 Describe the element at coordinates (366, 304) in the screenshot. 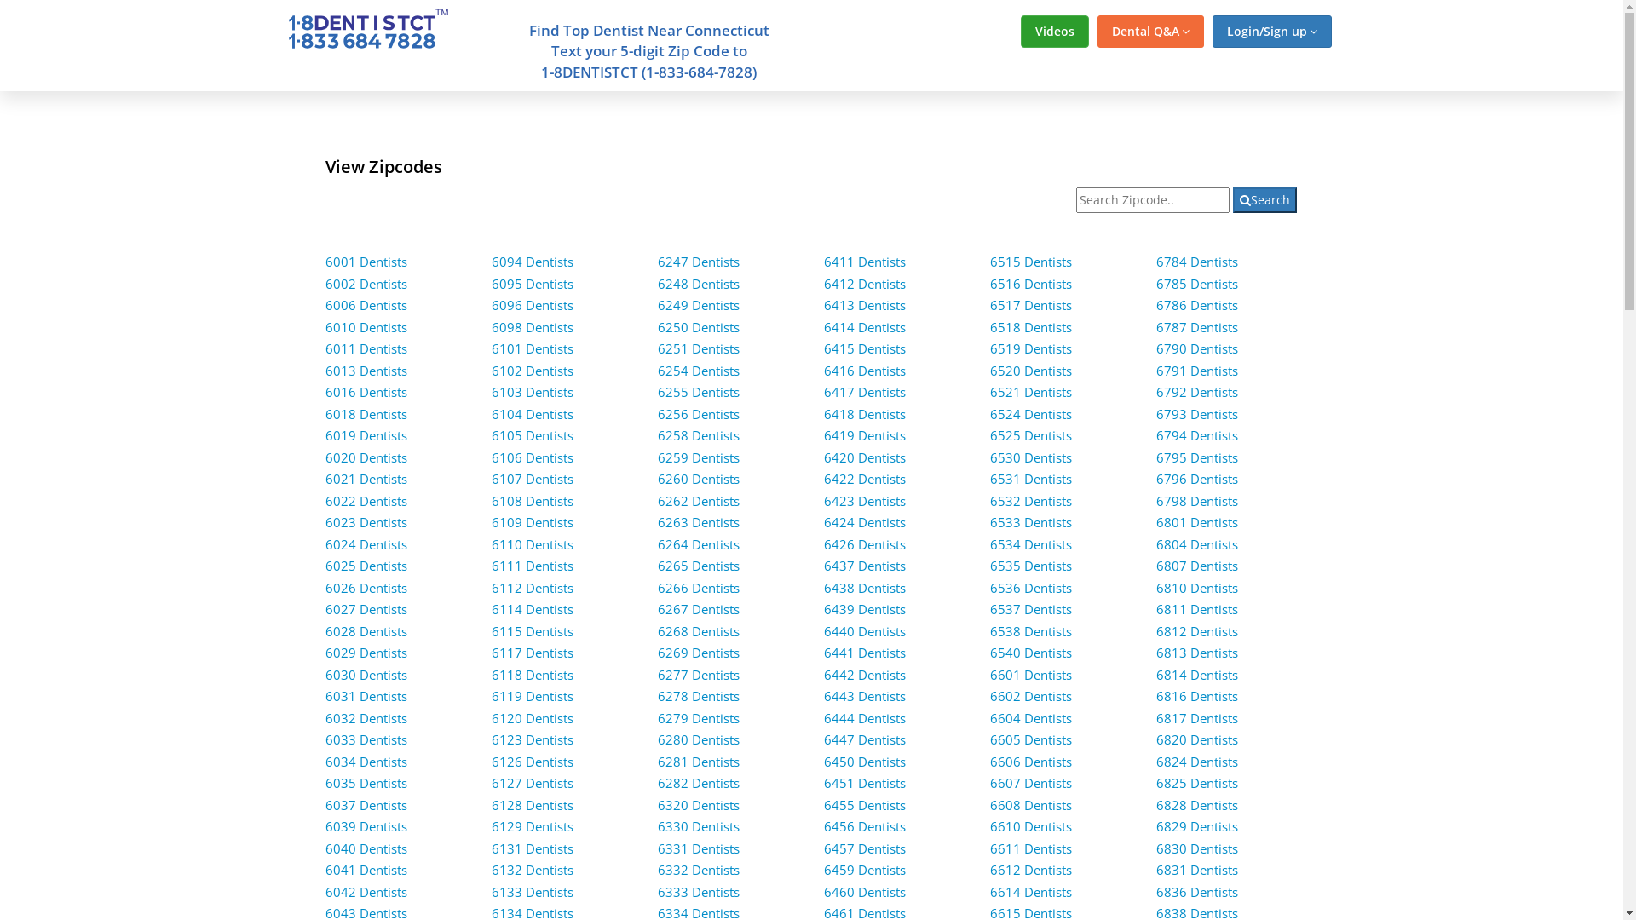

I see `'6006 Dentists'` at that location.